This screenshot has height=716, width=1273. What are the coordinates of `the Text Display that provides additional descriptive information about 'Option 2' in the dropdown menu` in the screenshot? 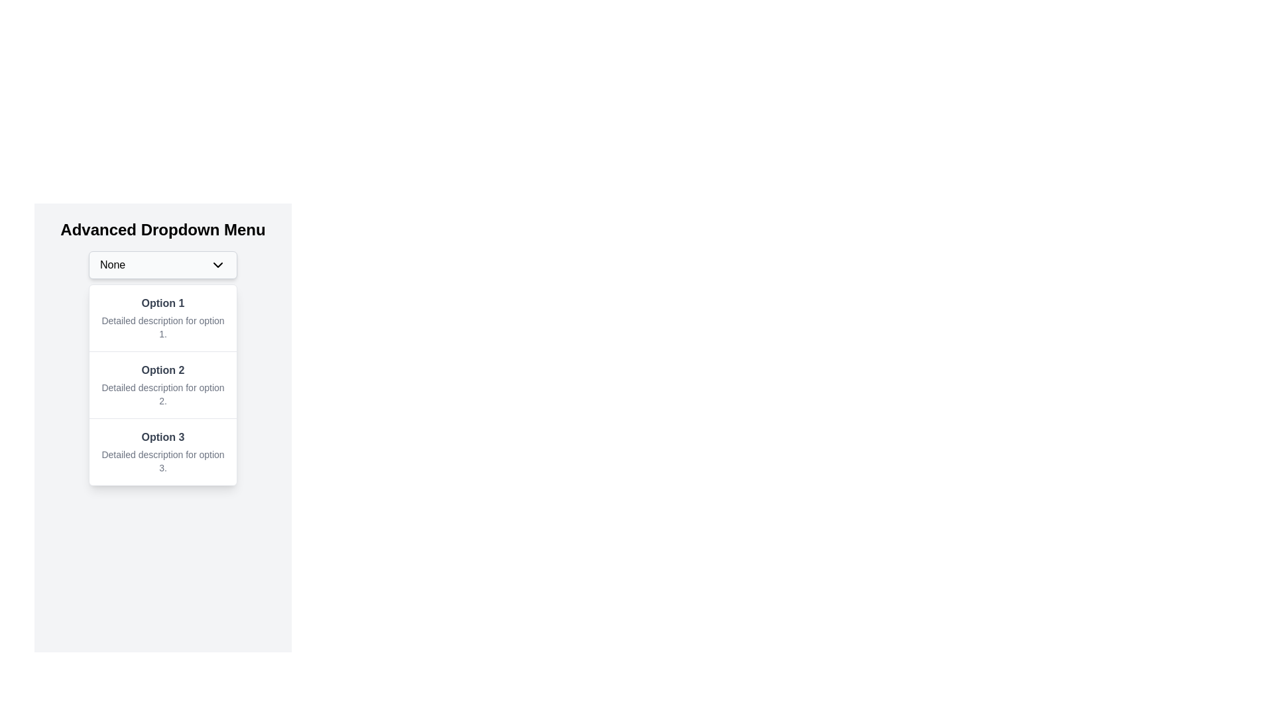 It's located at (162, 393).